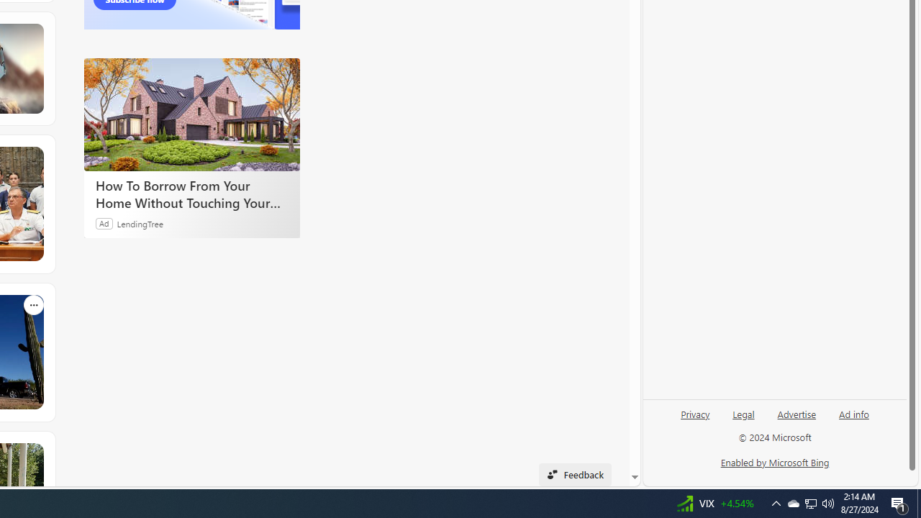 This screenshot has height=518, width=921. What do you see at coordinates (191, 114) in the screenshot?
I see `'How To Borrow From Your Home Without Touching Your Mortgage'` at bounding box center [191, 114].